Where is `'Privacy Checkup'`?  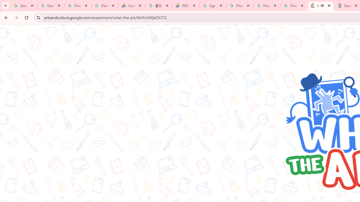 'Privacy Checkup' is located at coordinates (267, 6).